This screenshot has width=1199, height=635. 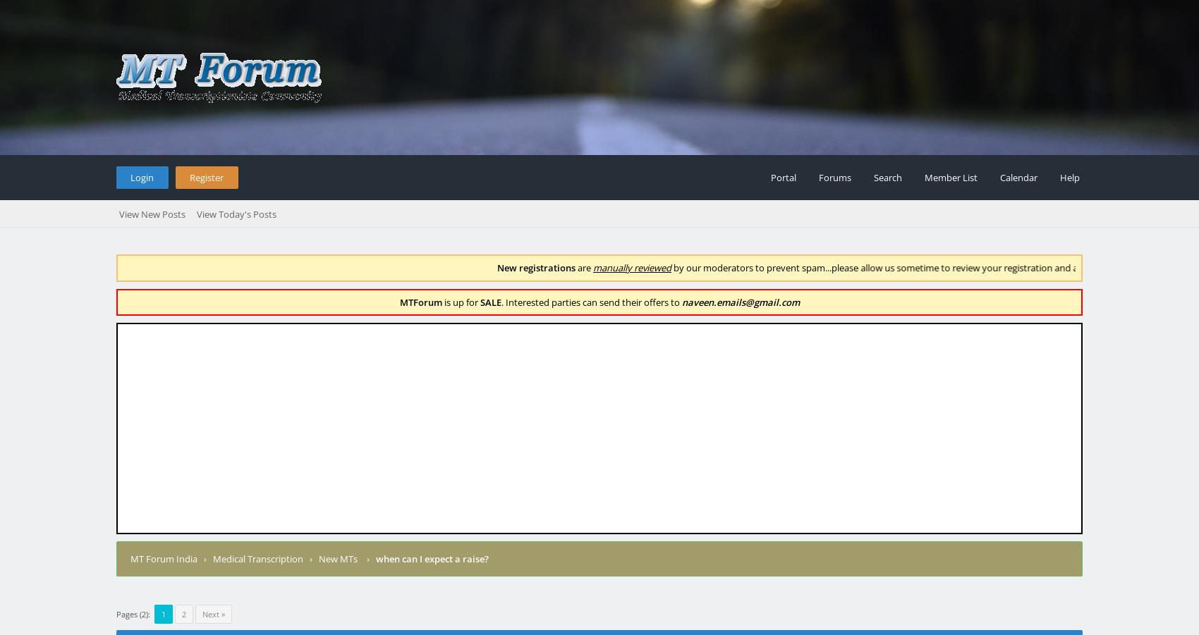 I want to click on 'MTForum', so click(x=420, y=300).